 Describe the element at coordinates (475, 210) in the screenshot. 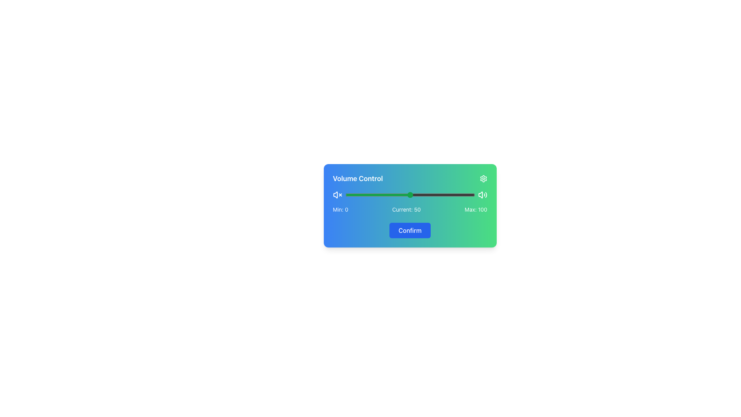

I see `the text label displaying the maximum value of a parameter, located to the right of 'Min: 0' and 'Current: 50', towards the bottom right of the panel` at that location.